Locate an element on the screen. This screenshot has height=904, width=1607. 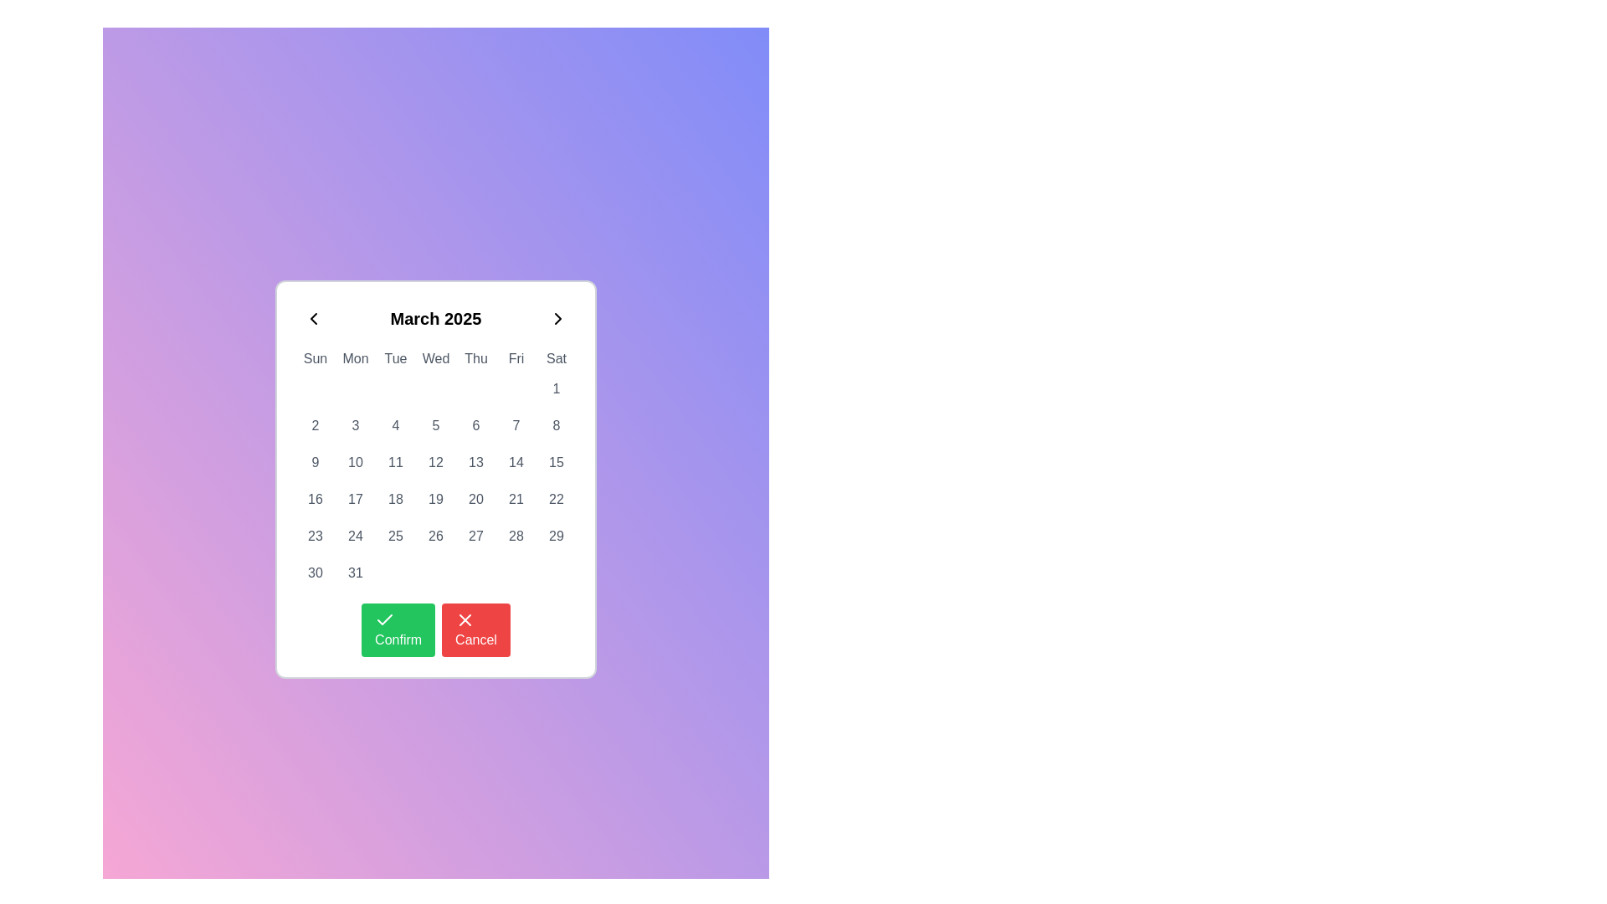
the small, circular decorative marker located below the 'Wed' column in the calendar grid is located at coordinates (436, 389).